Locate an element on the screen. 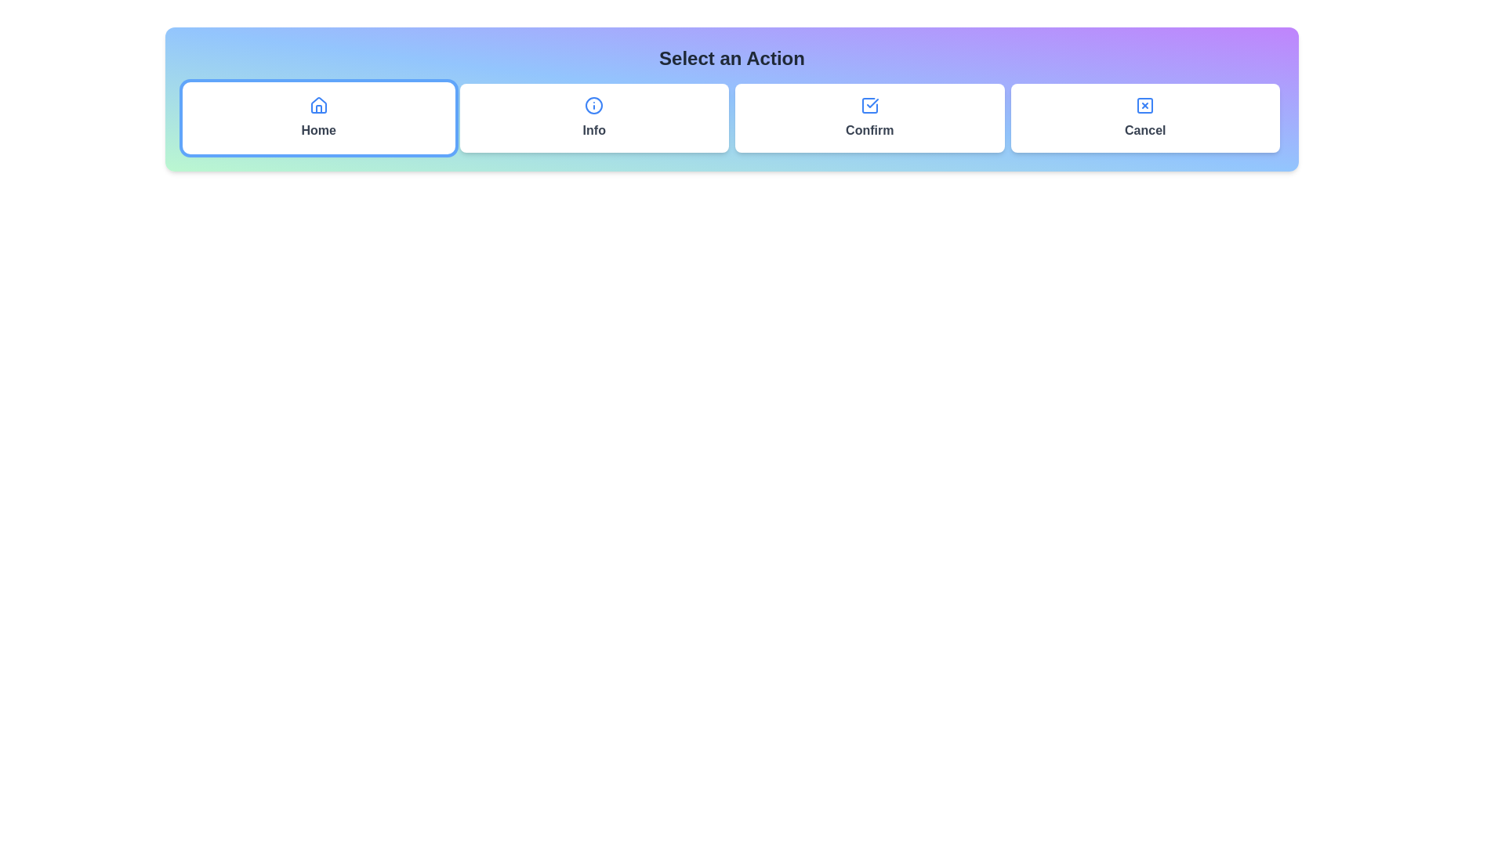 This screenshot has height=846, width=1505. the button labeled Cancel to observe its hover effect is located at coordinates (1145, 117).